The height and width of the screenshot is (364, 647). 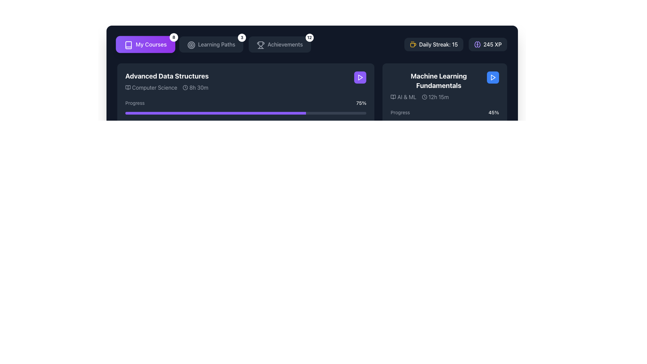 What do you see at coordinates (190, 44) in the screenshot?
I see `the circular target icon located to the left of the 'Learning Paths' text in the header bar` at bounding box center [190, 44].